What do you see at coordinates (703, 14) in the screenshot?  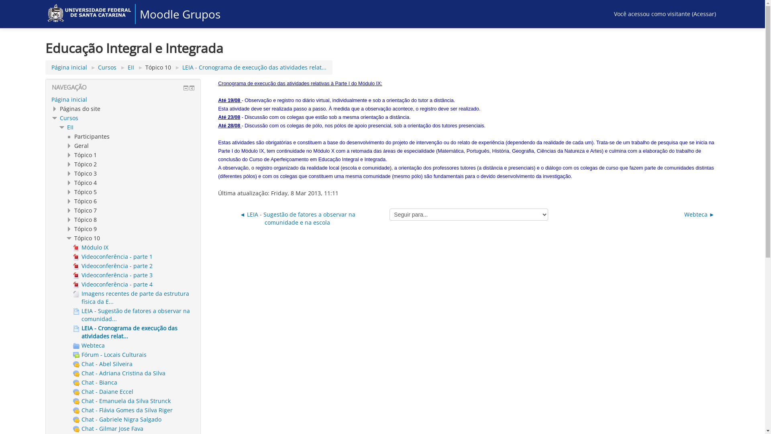 I see `'Acessar'` at bounding box center [703, 14].